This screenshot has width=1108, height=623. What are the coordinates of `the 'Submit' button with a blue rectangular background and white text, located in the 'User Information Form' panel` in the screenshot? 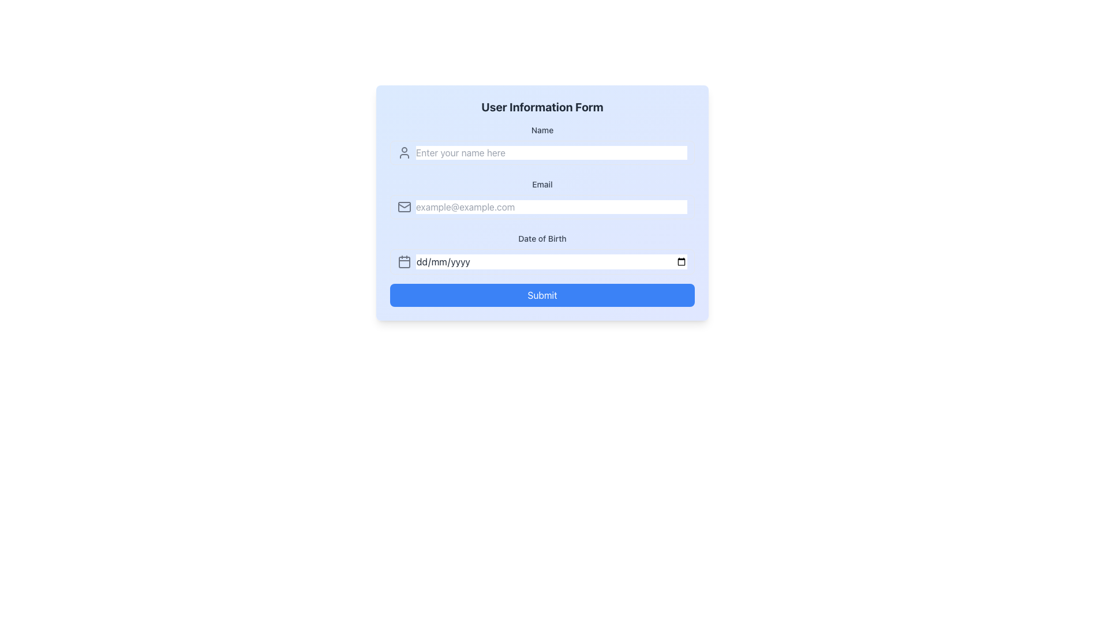 It's located at (542, 295).